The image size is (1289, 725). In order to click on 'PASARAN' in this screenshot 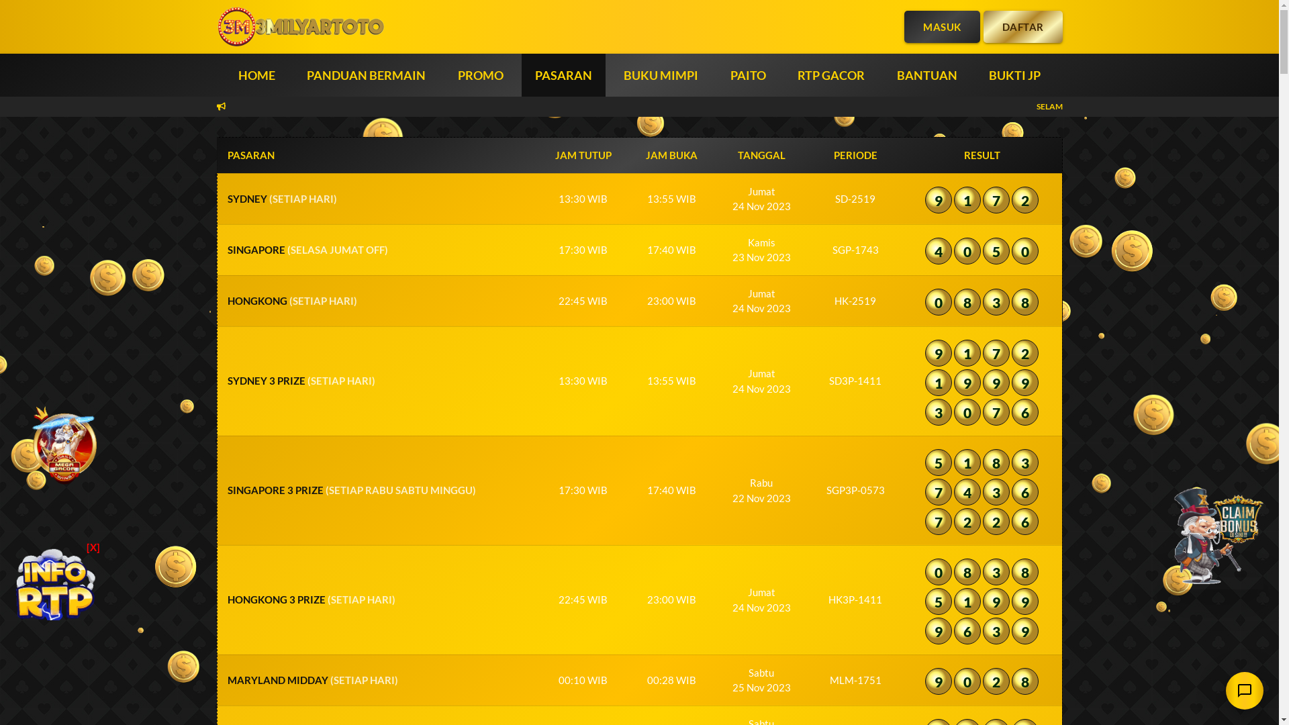, I will do `click(524, 75)`.